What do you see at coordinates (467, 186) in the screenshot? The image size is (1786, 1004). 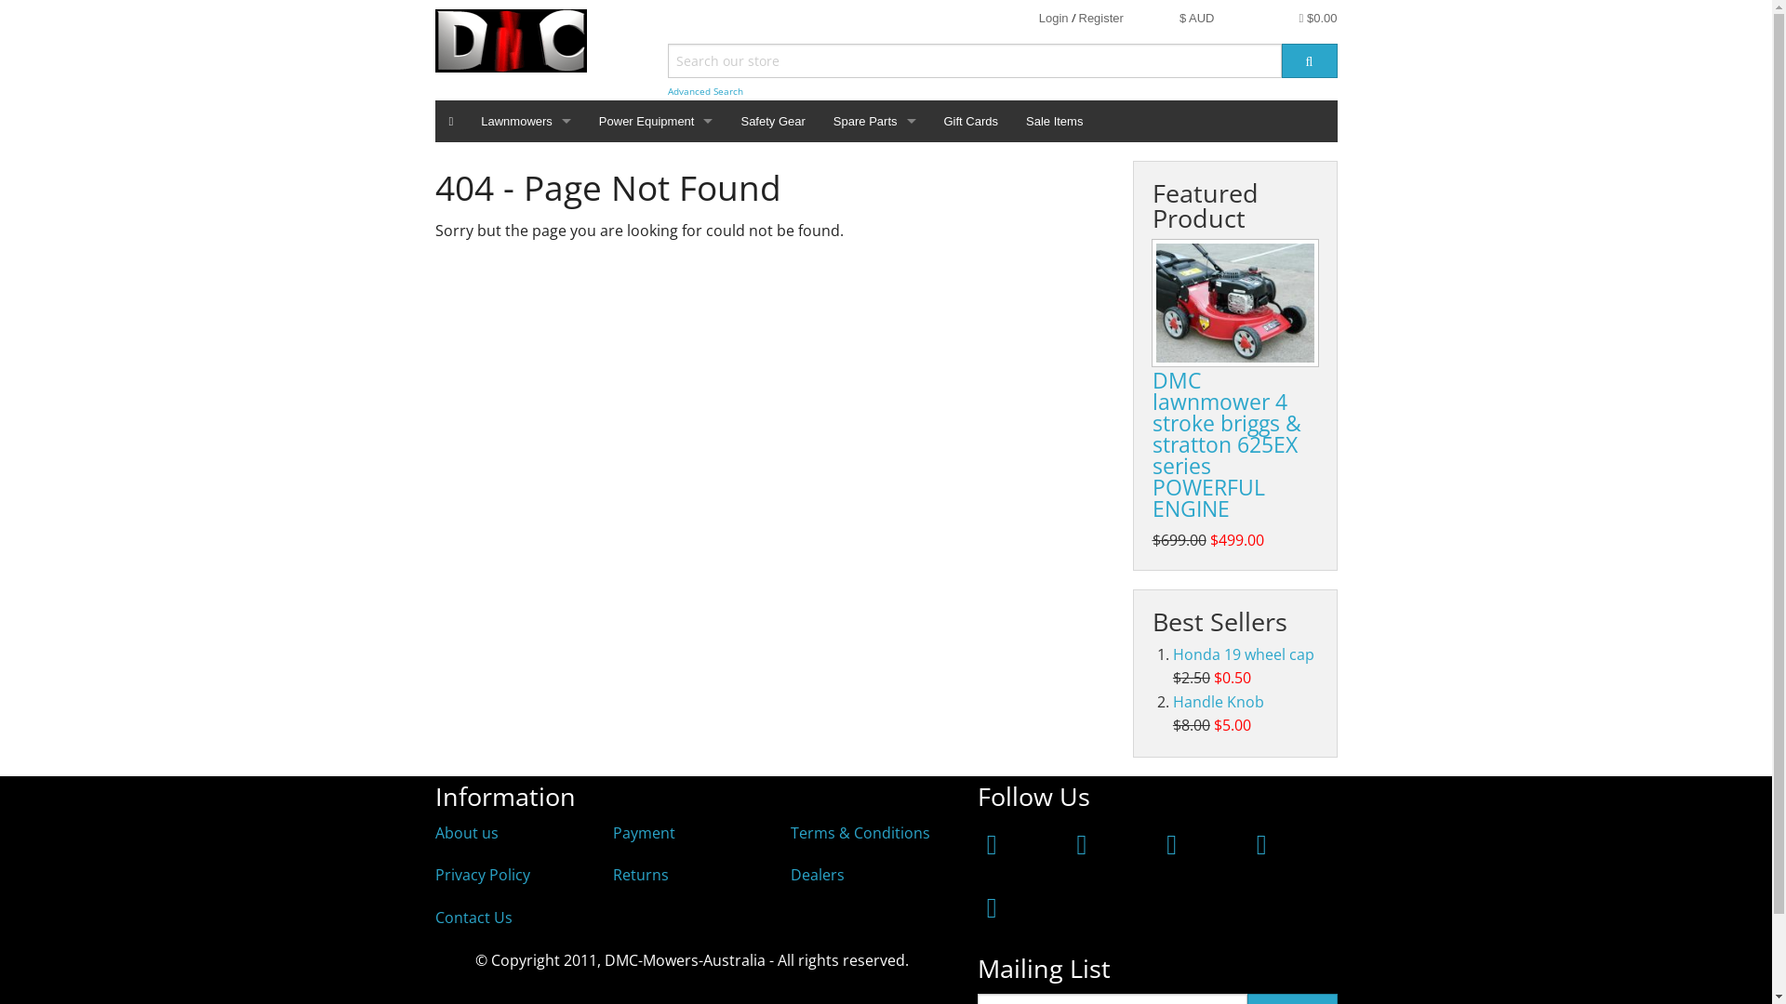 I see `'Ride-On Mowers / Zero Turn Mowers'` at bounding box center [467, 186].